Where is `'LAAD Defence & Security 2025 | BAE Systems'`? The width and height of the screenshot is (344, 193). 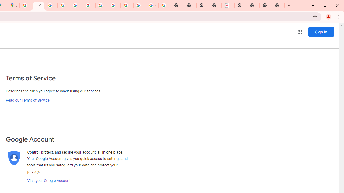 'LAAD Defence & Security 2025 | BAE Systems' is located at coordinates (228, 5).